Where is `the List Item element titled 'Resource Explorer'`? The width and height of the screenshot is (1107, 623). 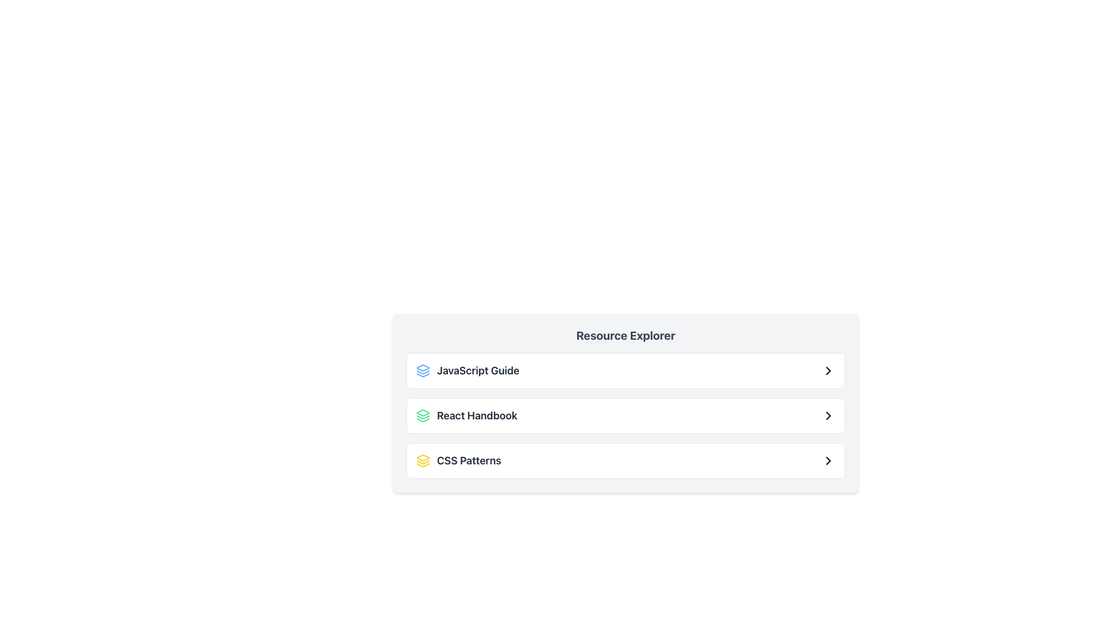
the List Item element titled 'Resource Explorer' is located at coordinates (625, 402).